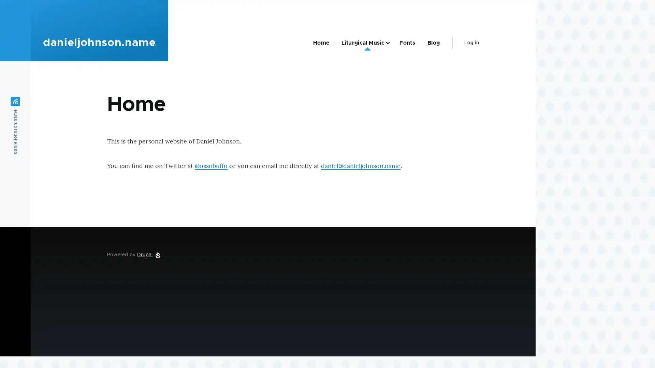 Image resolution: width=655 pixels, height=368 pixels. What do you see at coordinates (392, 43) in the screenshot?
I see `Liturgical Music sub-navigation` at bounding box center [392, 43].